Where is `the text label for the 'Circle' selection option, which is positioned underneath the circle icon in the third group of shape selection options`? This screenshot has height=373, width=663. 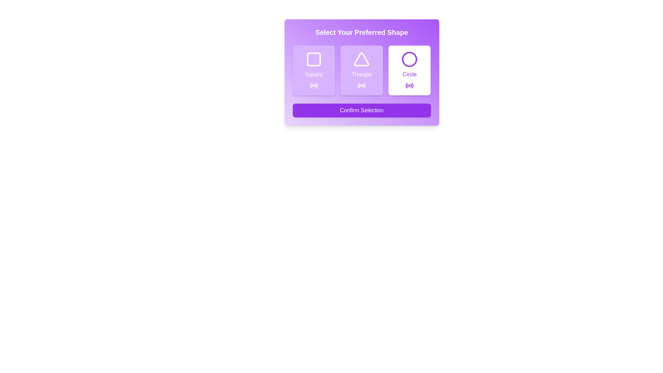
the text label for the 'Circle' selection option, which is positioned underneath the circle icon in the third group of shape selection options is located at coordinates (410, 75).